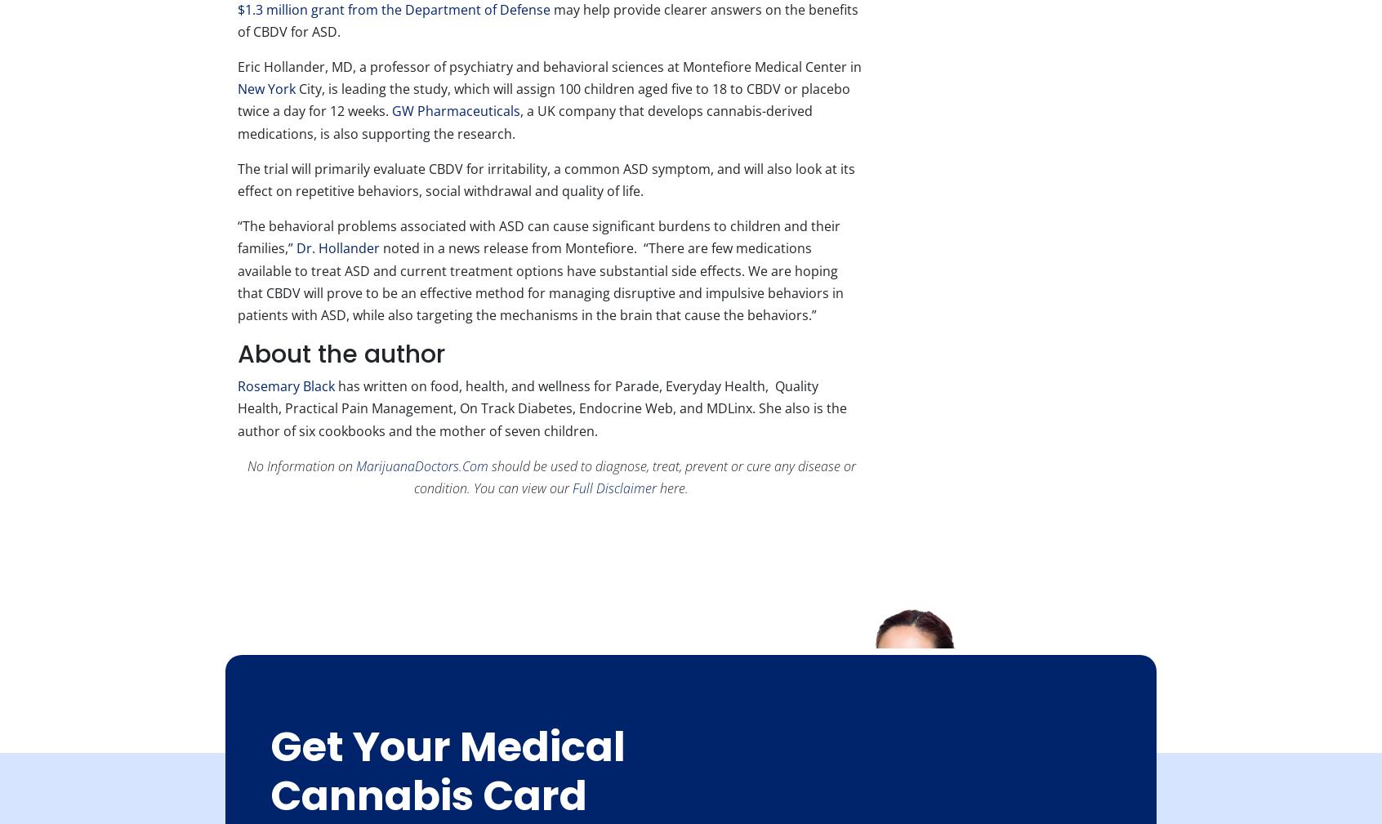 This screenshot has height=824, width=1382. What do you see at coordinates (421, 465) in the screenshot?
I see `'MarijuanaDoctors.Com'` at bounding box center [421, 465].